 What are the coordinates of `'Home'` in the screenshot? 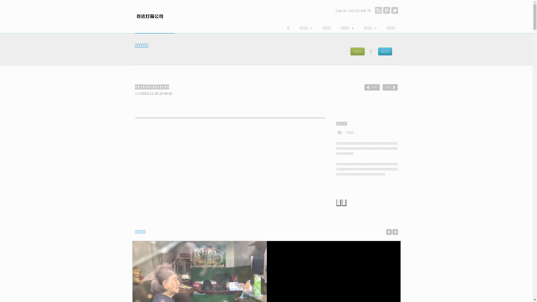 It's located at (154, 16).